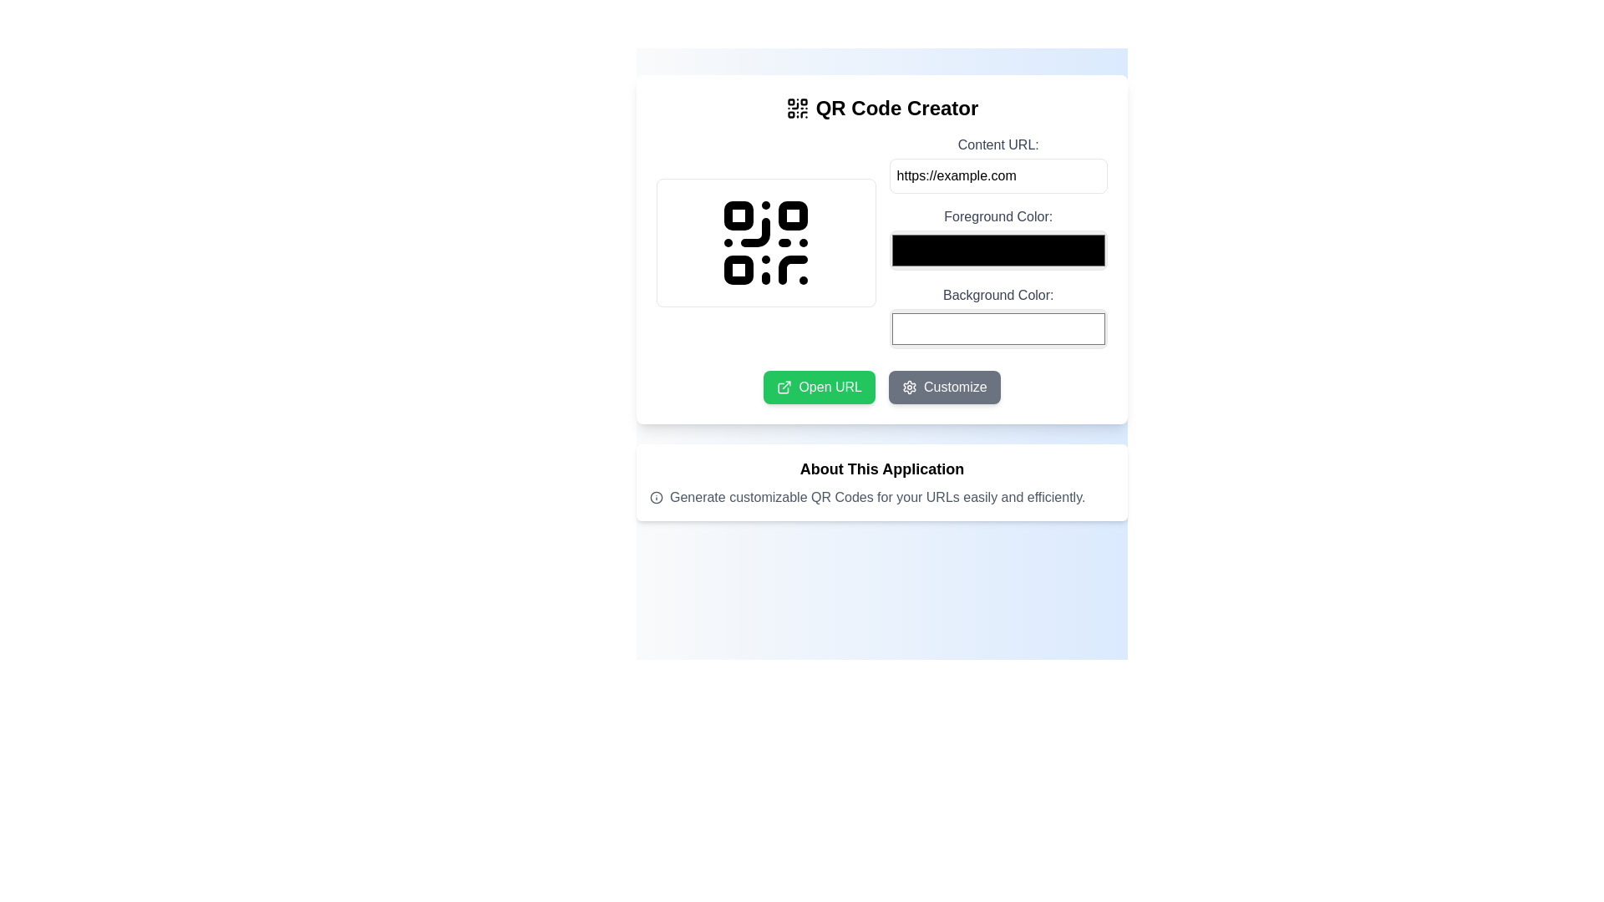 This screenshot has height=902, width=1604. I want to click on the Textual information label that describes the application's purpose for creating QR codes, positioned below the 'About This Application' heading, so click(881, 497).